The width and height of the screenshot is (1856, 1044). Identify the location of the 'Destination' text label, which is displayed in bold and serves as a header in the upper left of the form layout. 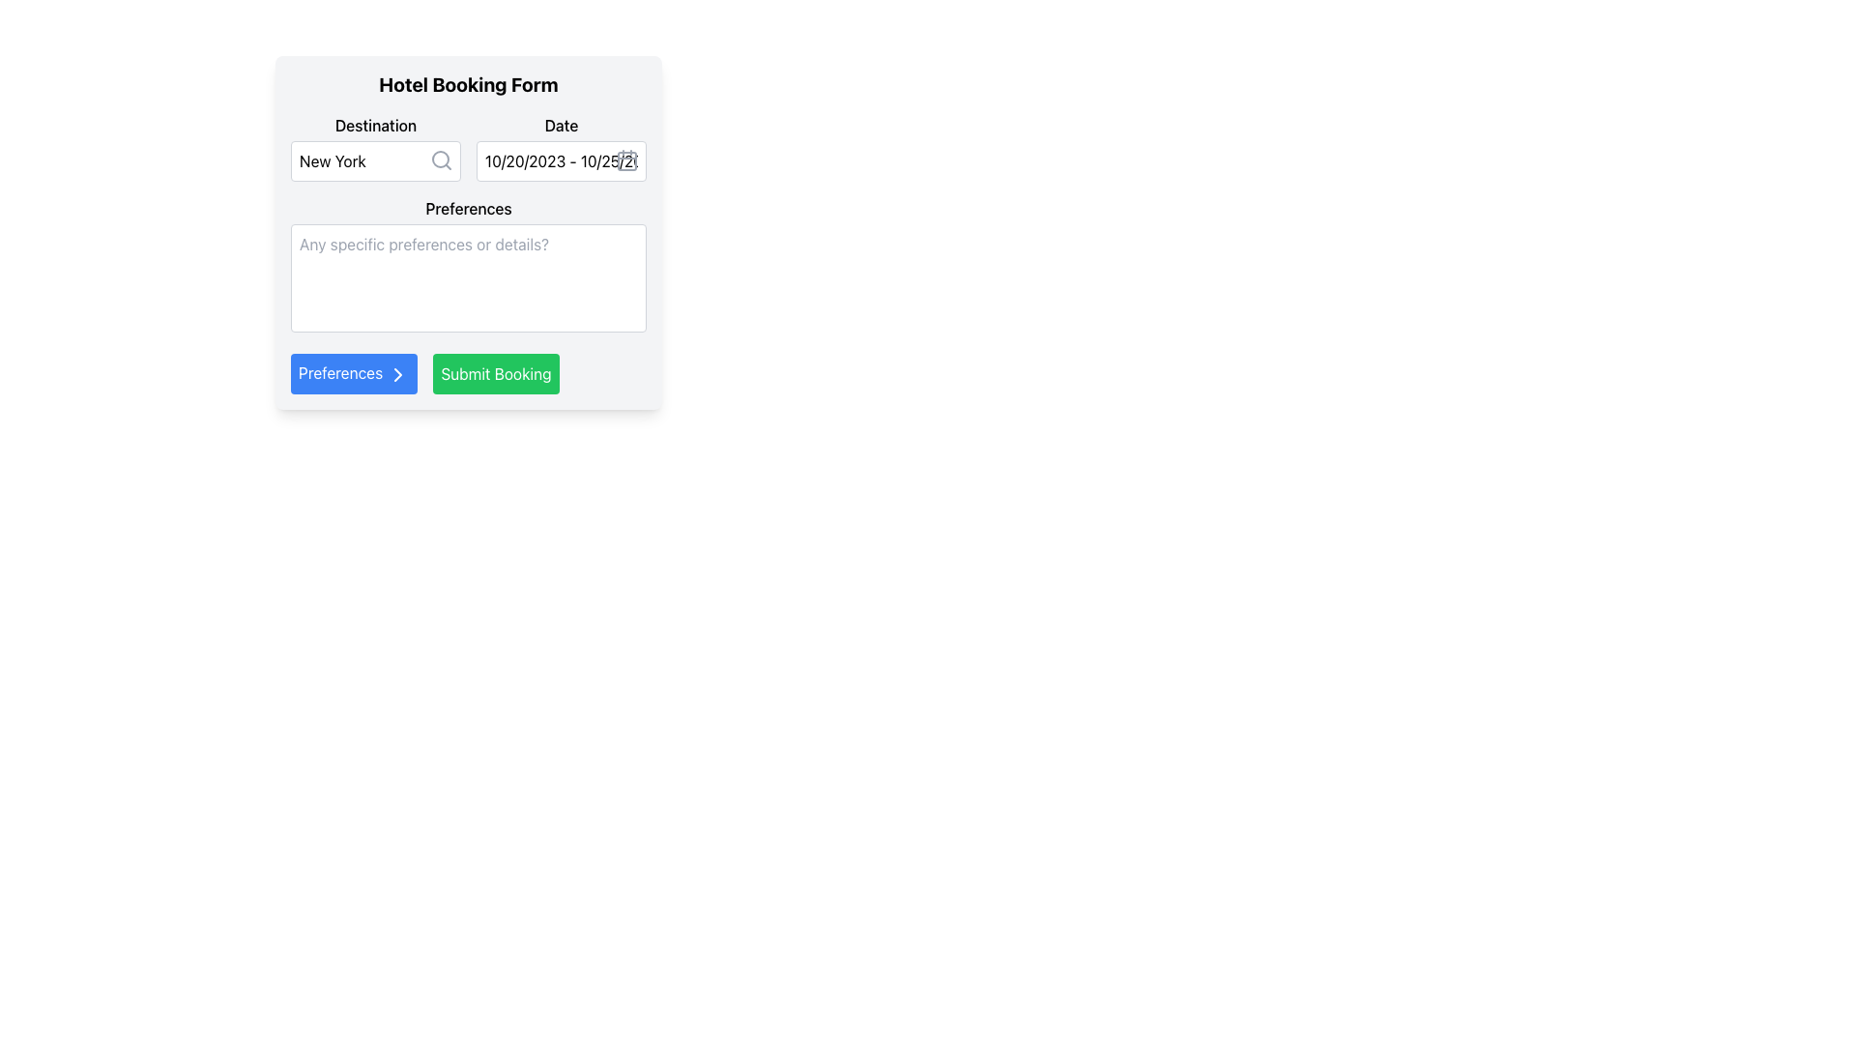
(375, 126).